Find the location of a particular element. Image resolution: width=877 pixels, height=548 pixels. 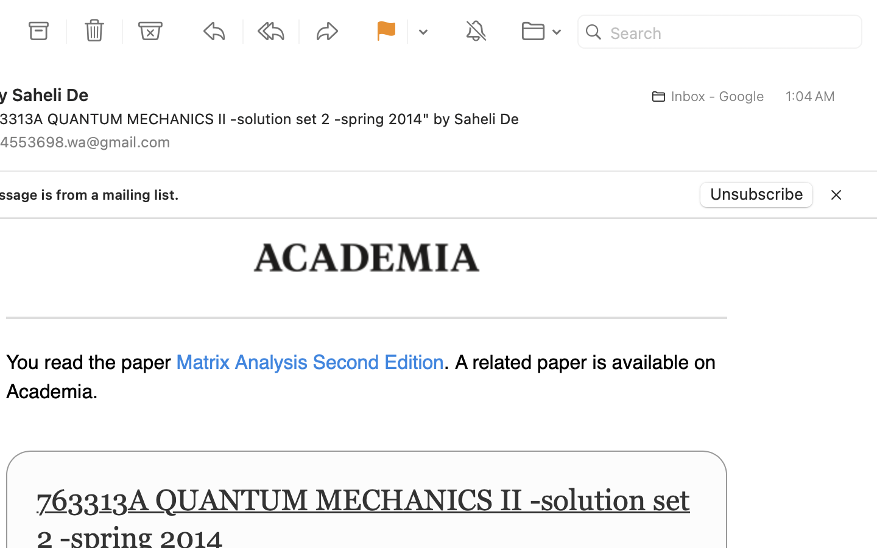

'. A related paper is available on Academia.' is located at coordinates (361, 378).